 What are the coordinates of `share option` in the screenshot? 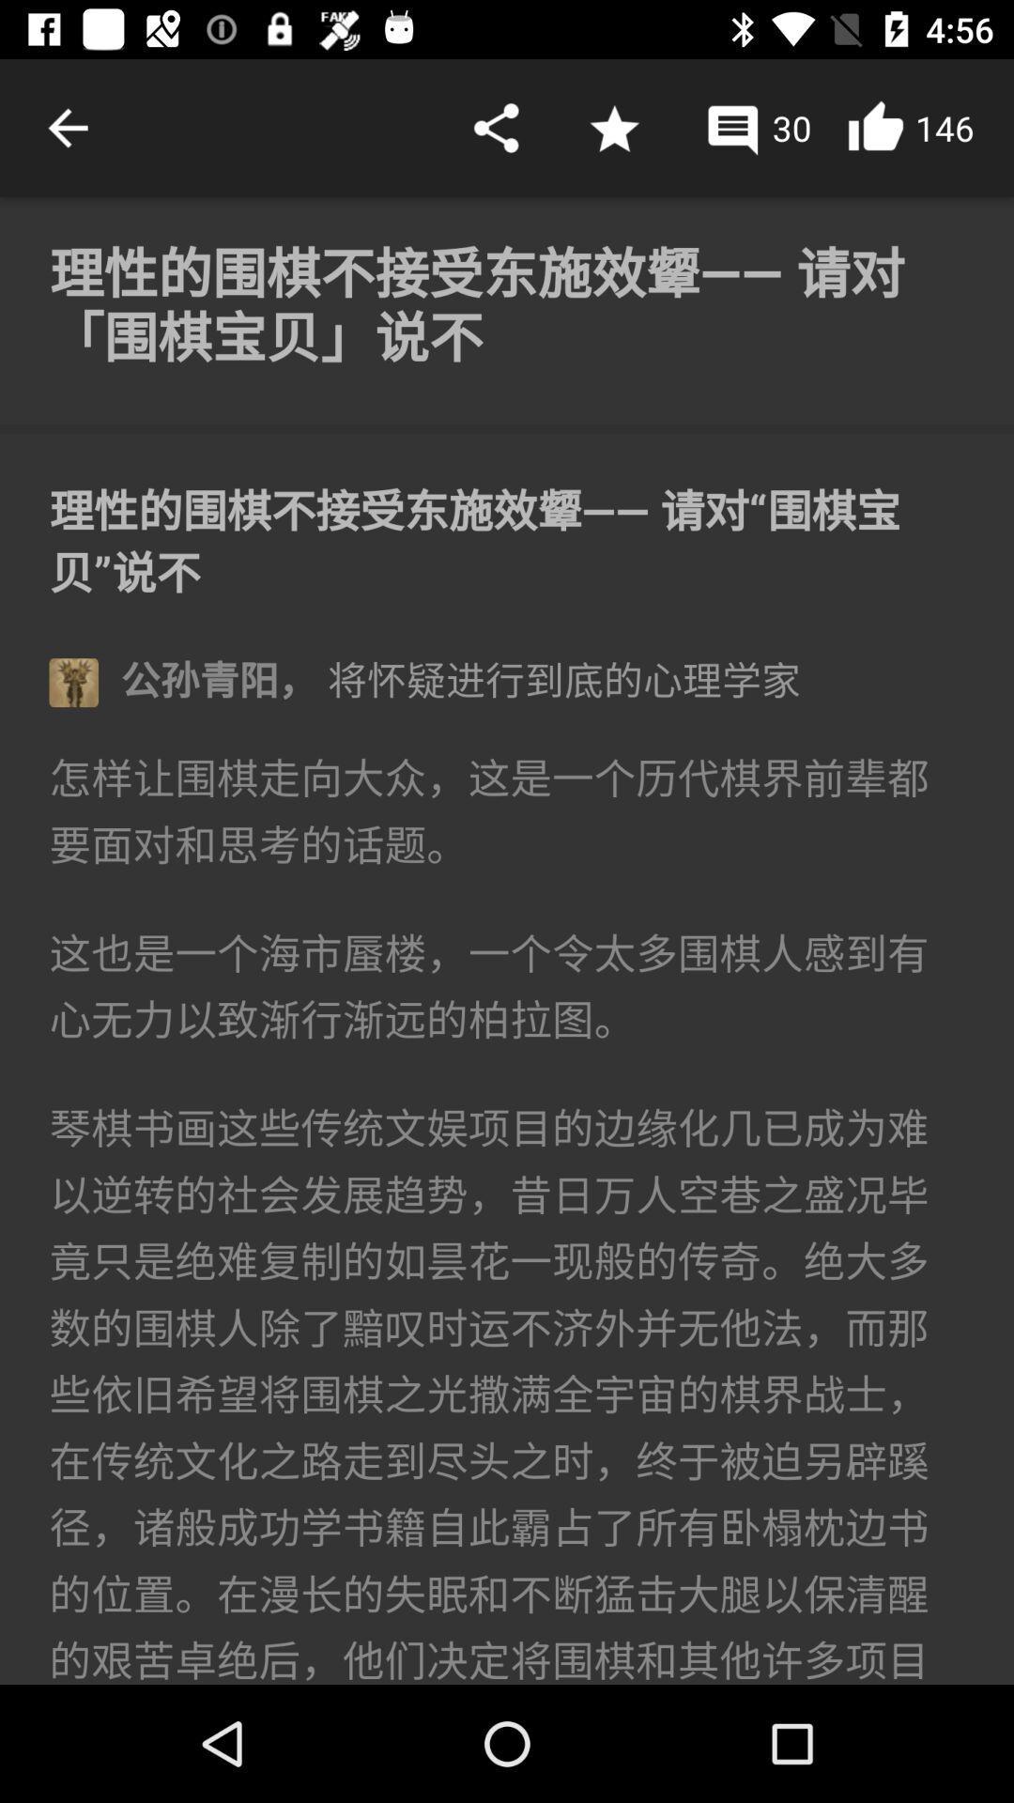 It's located at (495, 127).